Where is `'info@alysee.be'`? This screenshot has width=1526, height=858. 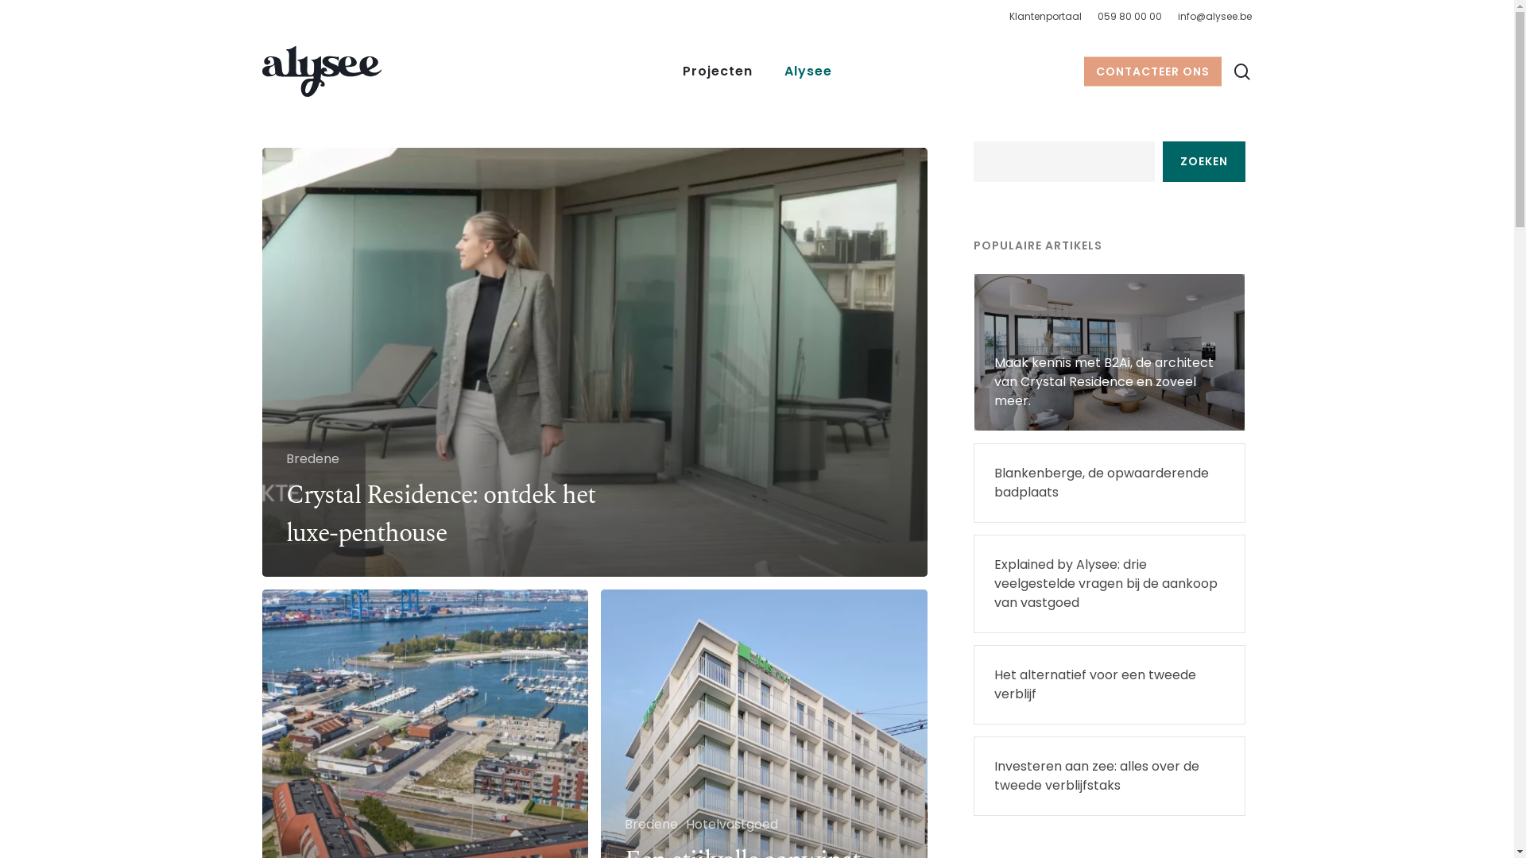
'info@alysee.be' is located at coordinates (1178, 16).